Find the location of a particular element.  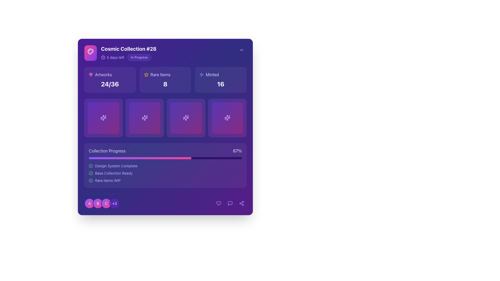

the Text Label indicating the status of the 'Base Collection' in the 'Collection Progress' panel is located at coordinates (114, 173).